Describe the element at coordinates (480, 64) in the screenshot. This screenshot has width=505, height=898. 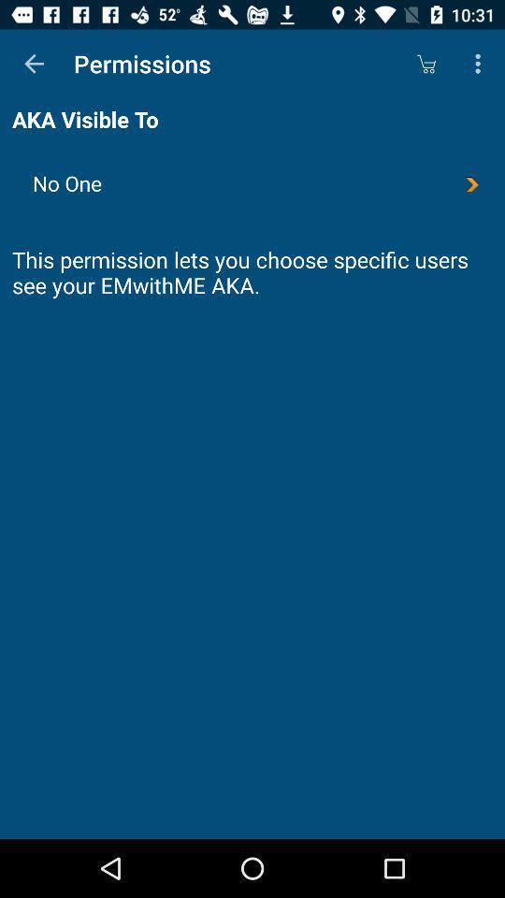
I see `the item above the no one icon` at that location.